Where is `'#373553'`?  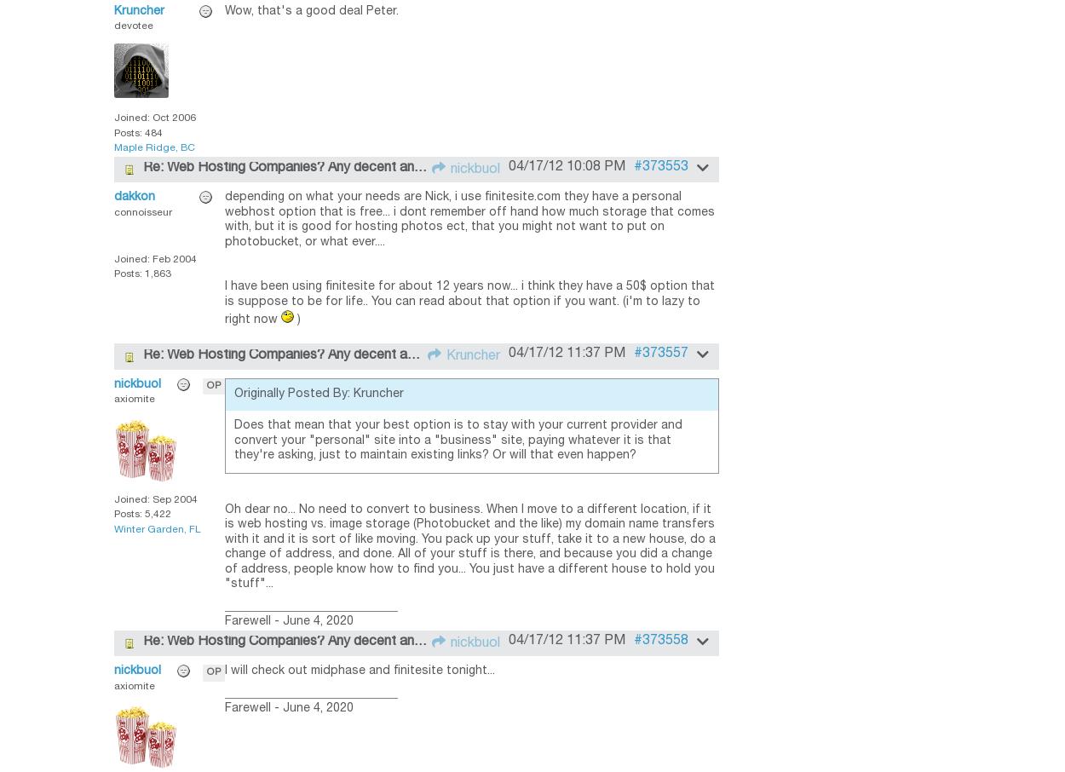 '#373553' is located at coordinates (660, 165).